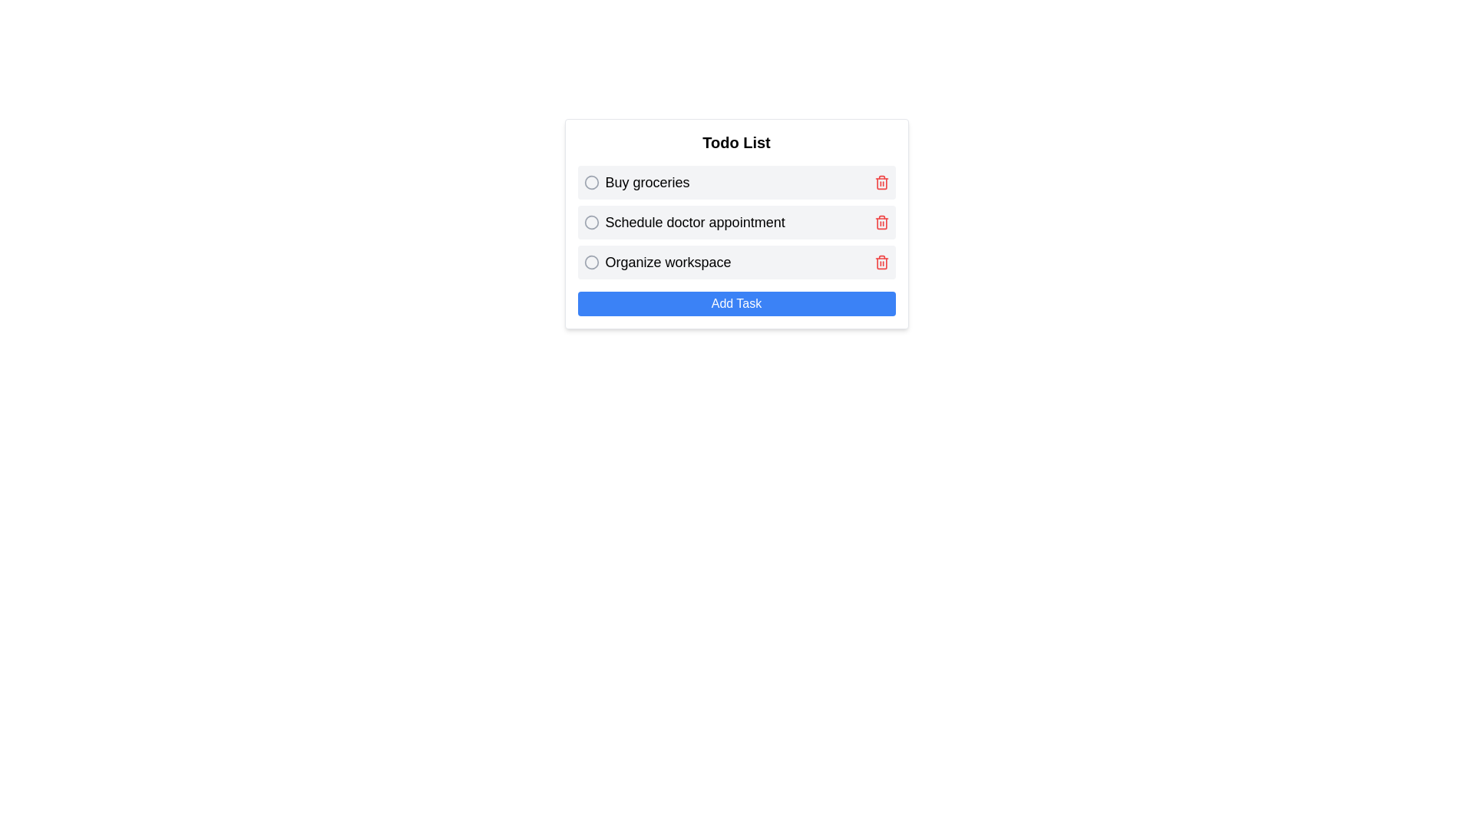 This screenshot has width=1474, height=829. Describe the element at coordinates (636, 182) in the screenshot. I see `the text of the first task in the 'Todo List'` at that location.